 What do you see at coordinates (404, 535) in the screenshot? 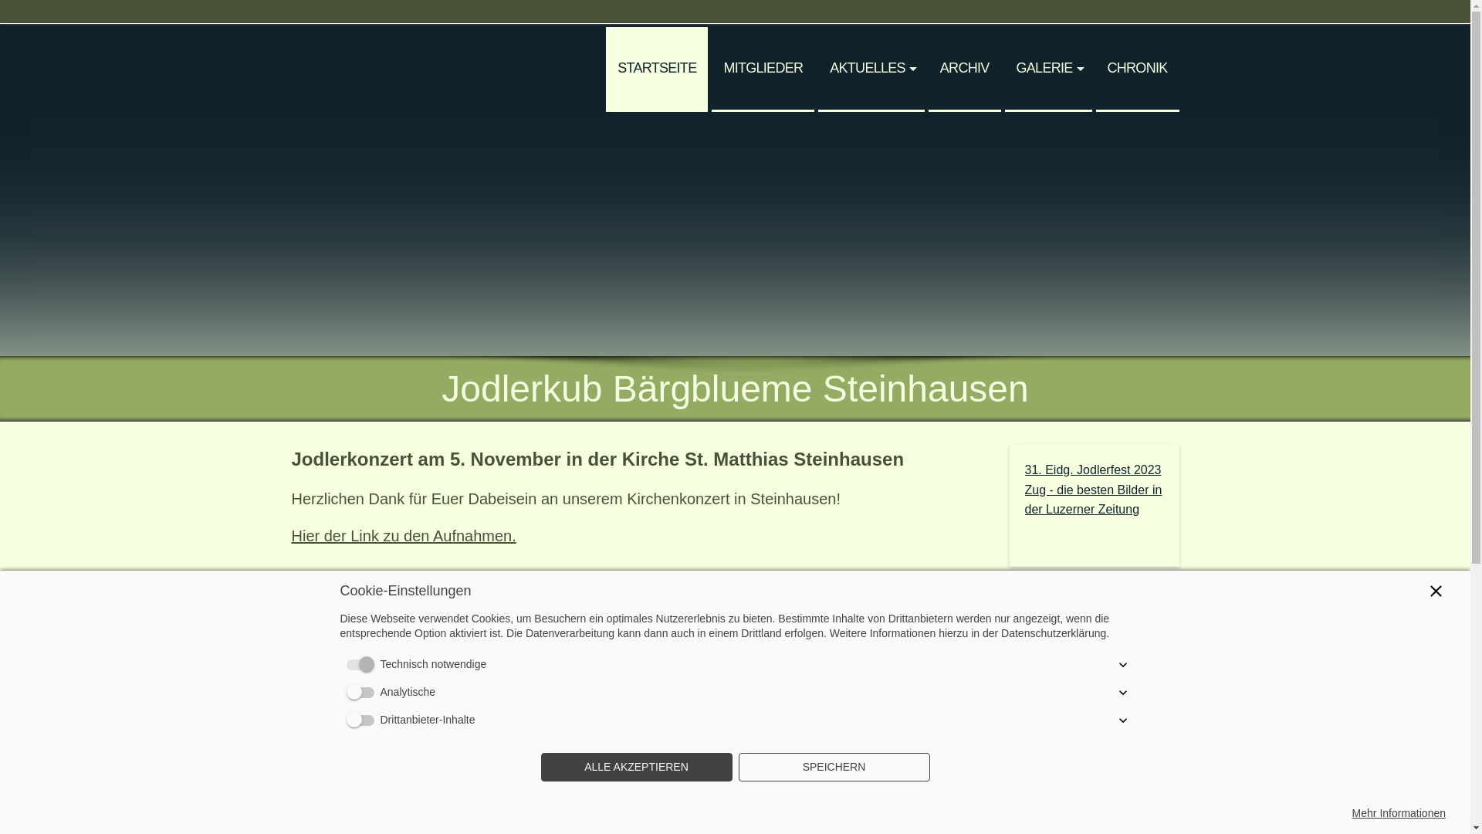
I see `'Hier der Link zu den Aufnahmen.'` at bounding box center [404, 535].